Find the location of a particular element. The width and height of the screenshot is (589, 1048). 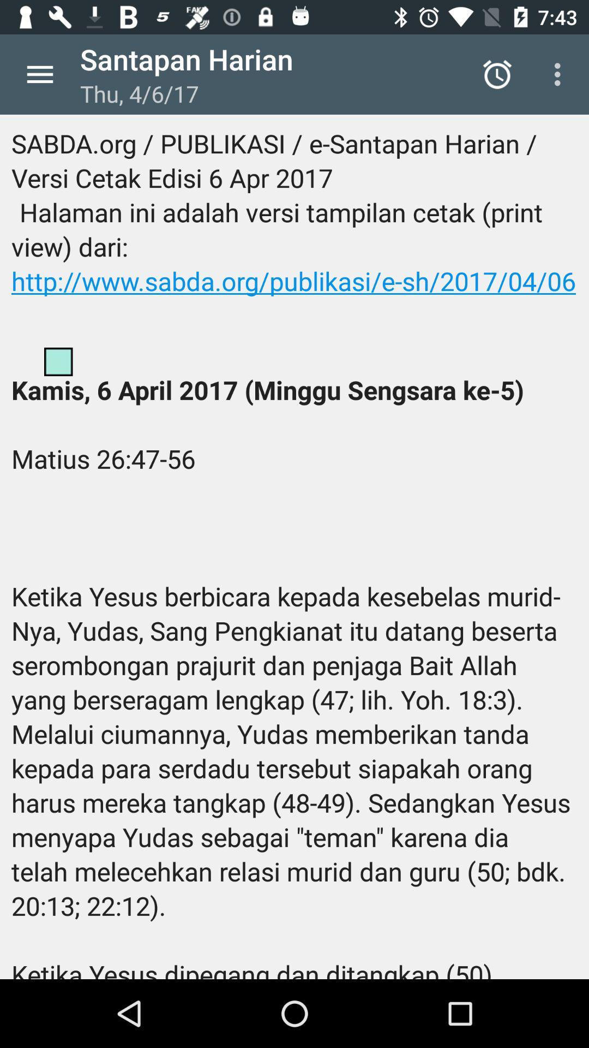

icon next to the santapan harian is located at coordinates (39, 74).